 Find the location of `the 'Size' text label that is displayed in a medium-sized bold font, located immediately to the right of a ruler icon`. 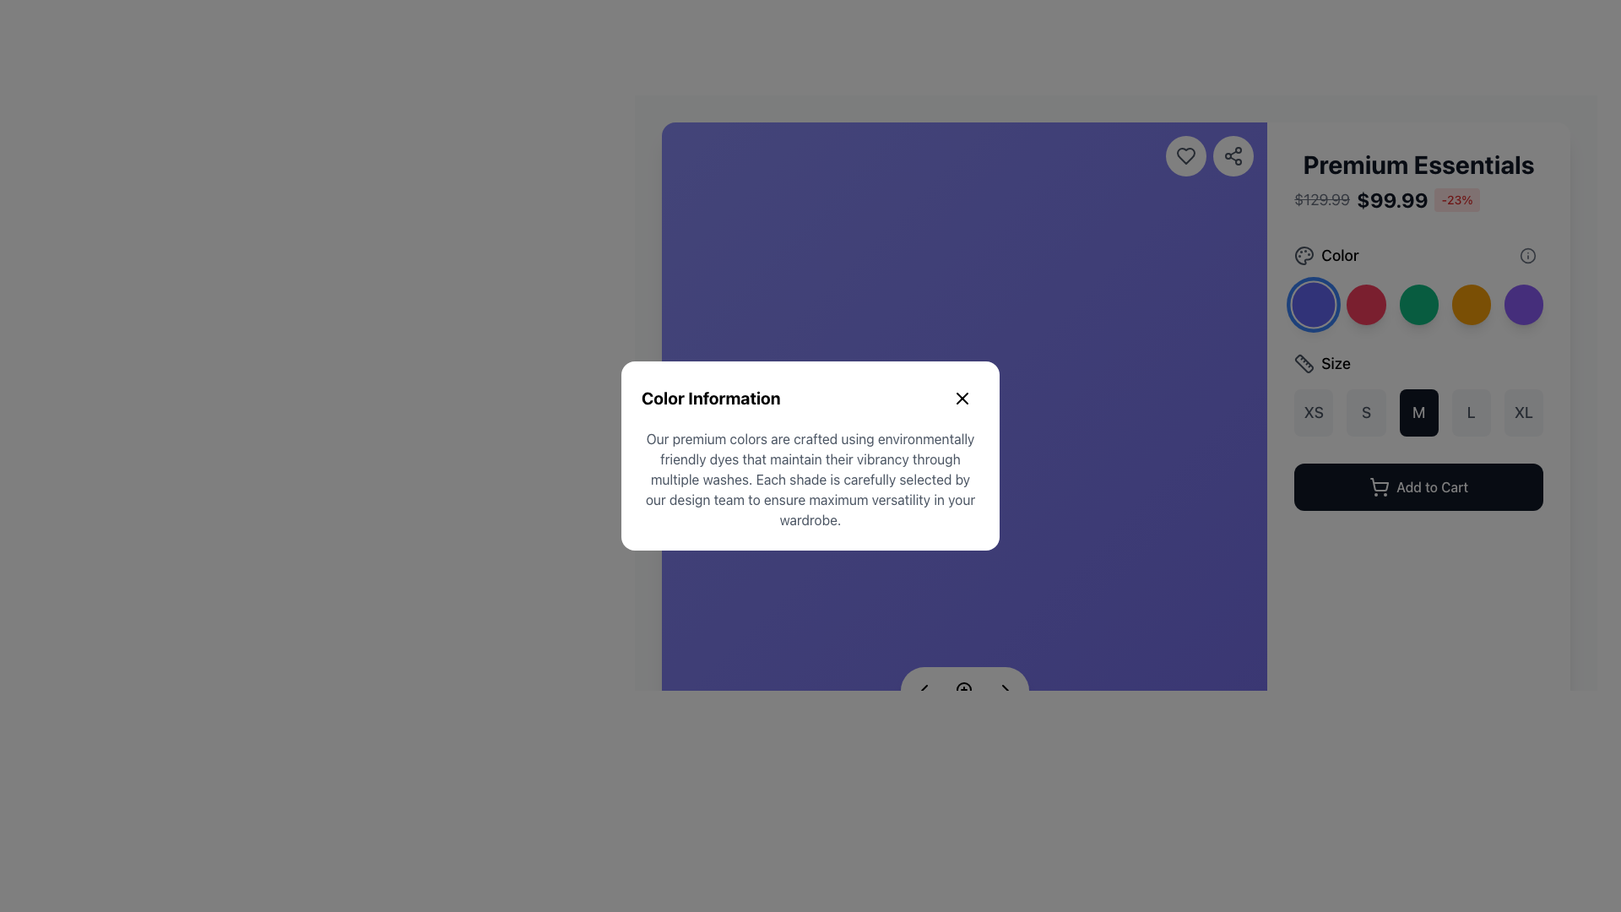

the 'Size' text label that is displayed in a medium-sized bold font, located immediately to the right of a ruler icon is located at coordinates (1335, 363).